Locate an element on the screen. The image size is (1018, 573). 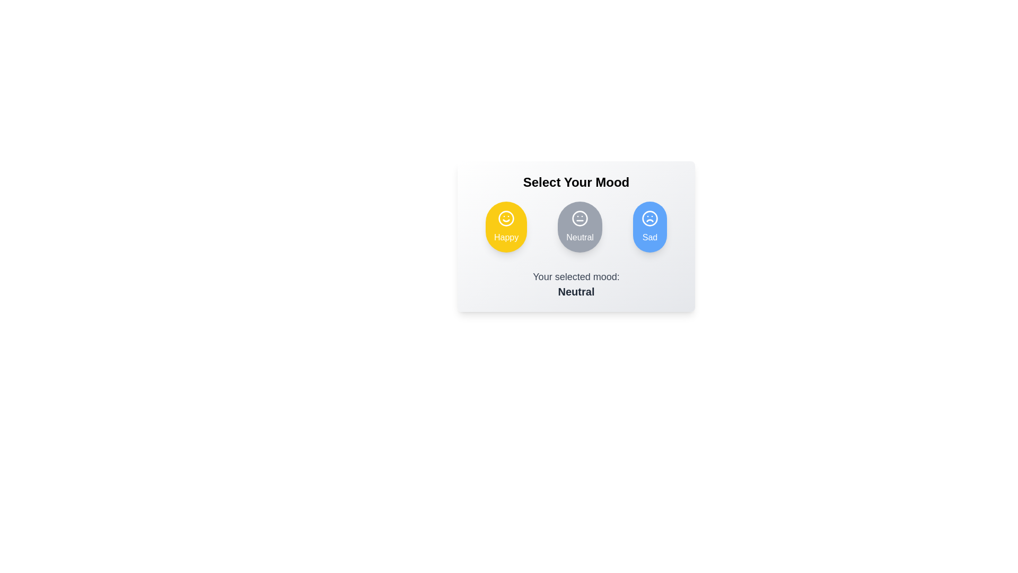
the frowning face icon in the blue circular button labeled 'Sad' is located at coordinates (649, 218).